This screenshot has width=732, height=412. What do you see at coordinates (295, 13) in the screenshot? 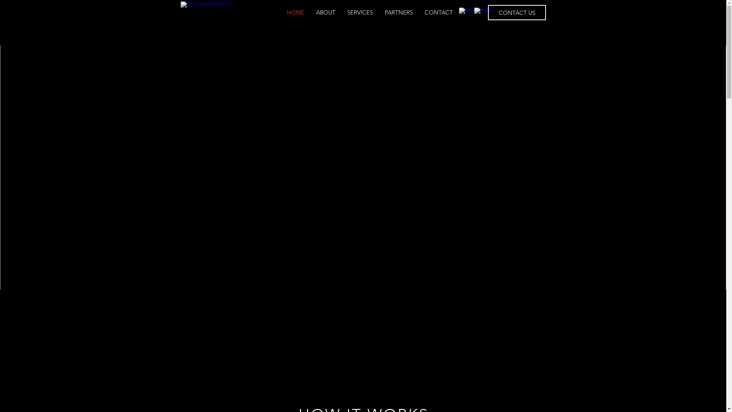
I see `'HOME'` at bounding box center [295, 13].